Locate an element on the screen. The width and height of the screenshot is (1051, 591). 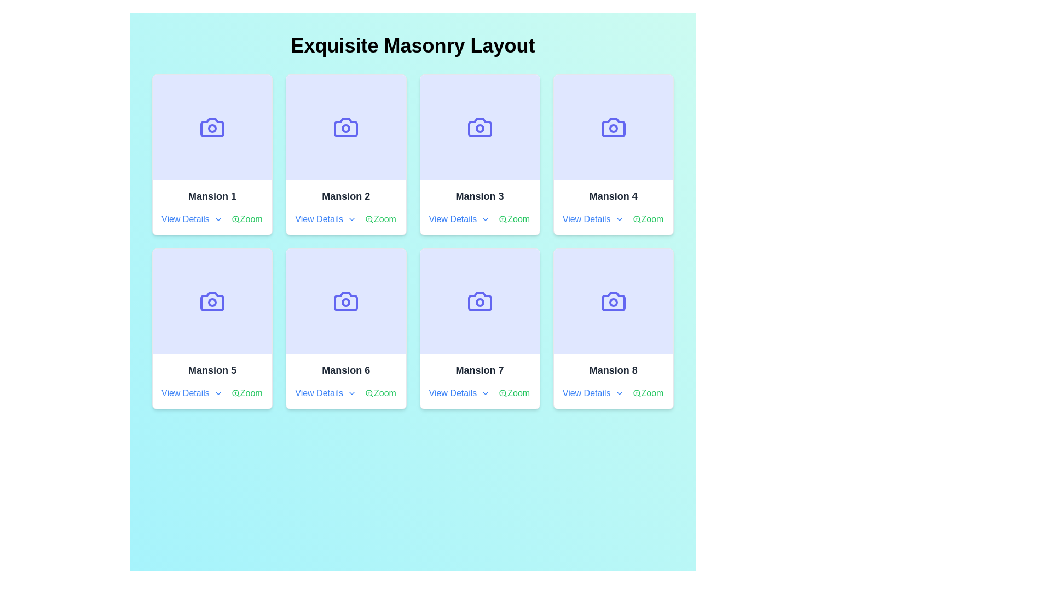
the 'View Details' link located within the 'Mansion 8' card is located at coordinates (613, 392).